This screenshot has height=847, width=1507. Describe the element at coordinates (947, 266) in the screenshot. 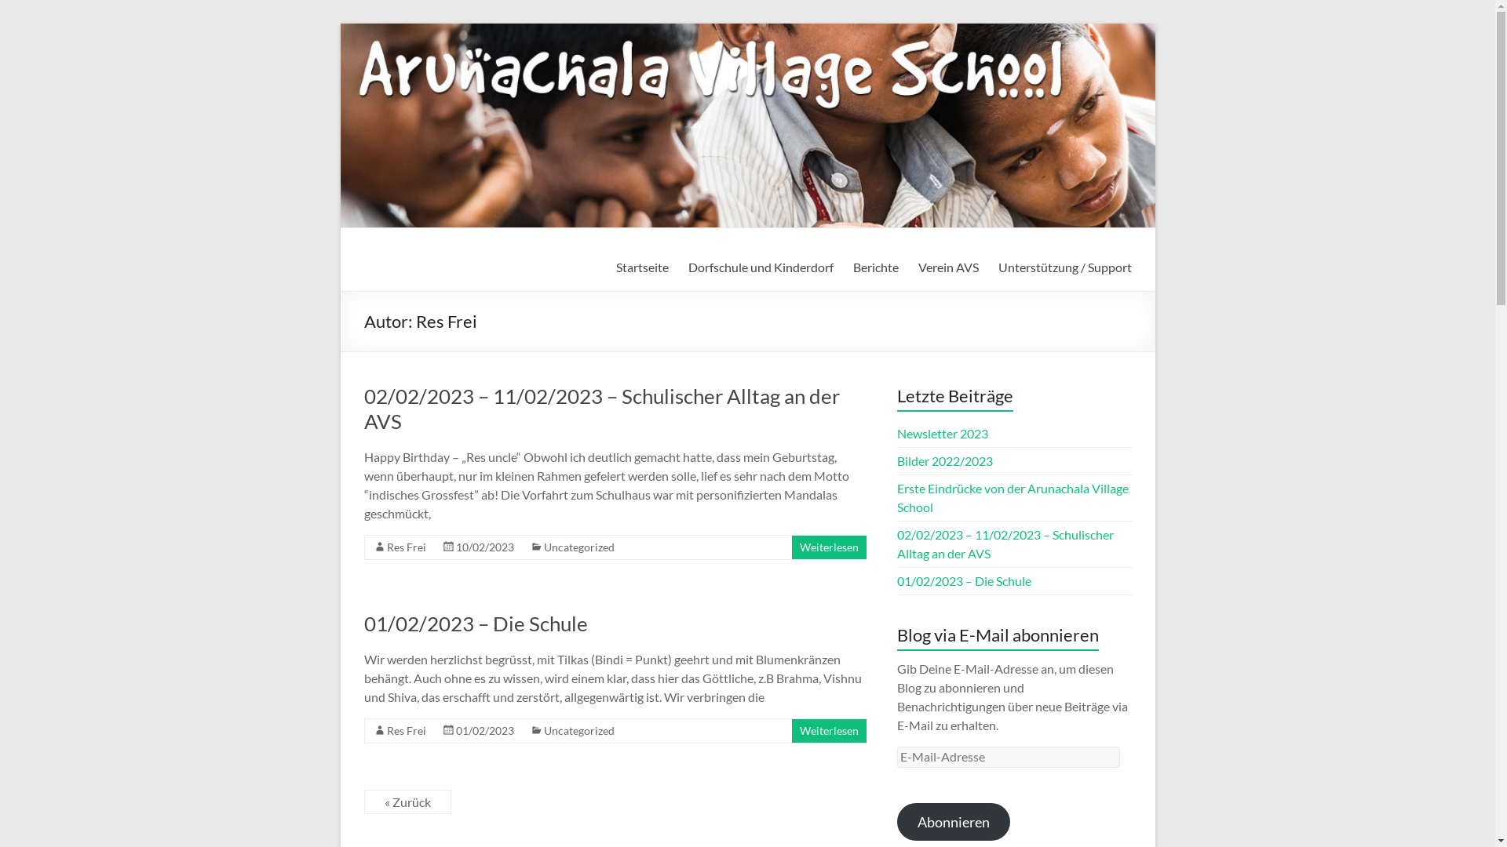

I see `'Verein AVS'` at that location.